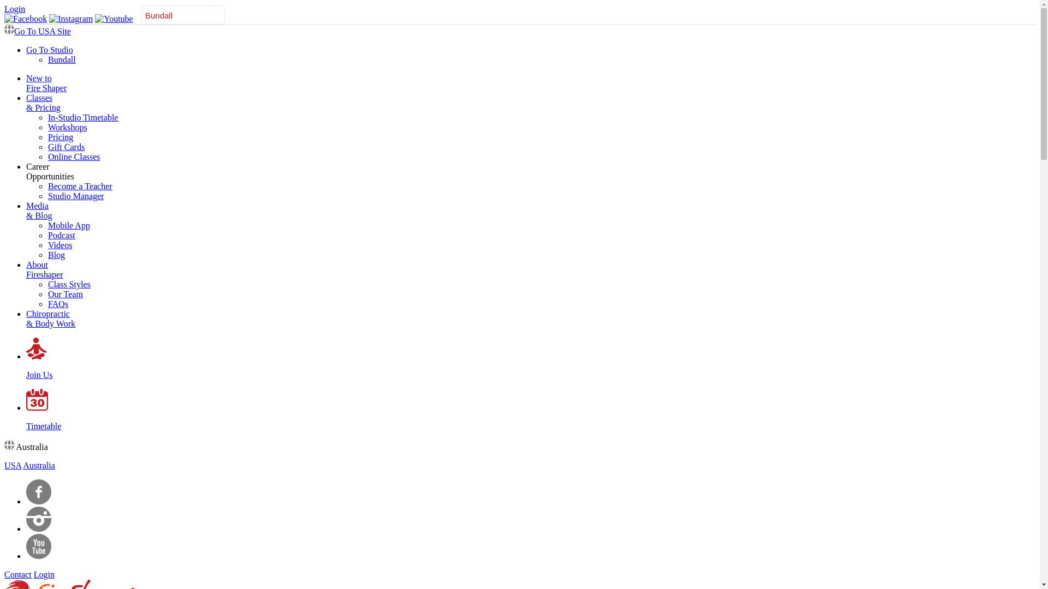 This screenshot has height=589, width=1048. Describe the element at coordinates (61, 59) in the screenshot. I see `'Bundall'` at that location.